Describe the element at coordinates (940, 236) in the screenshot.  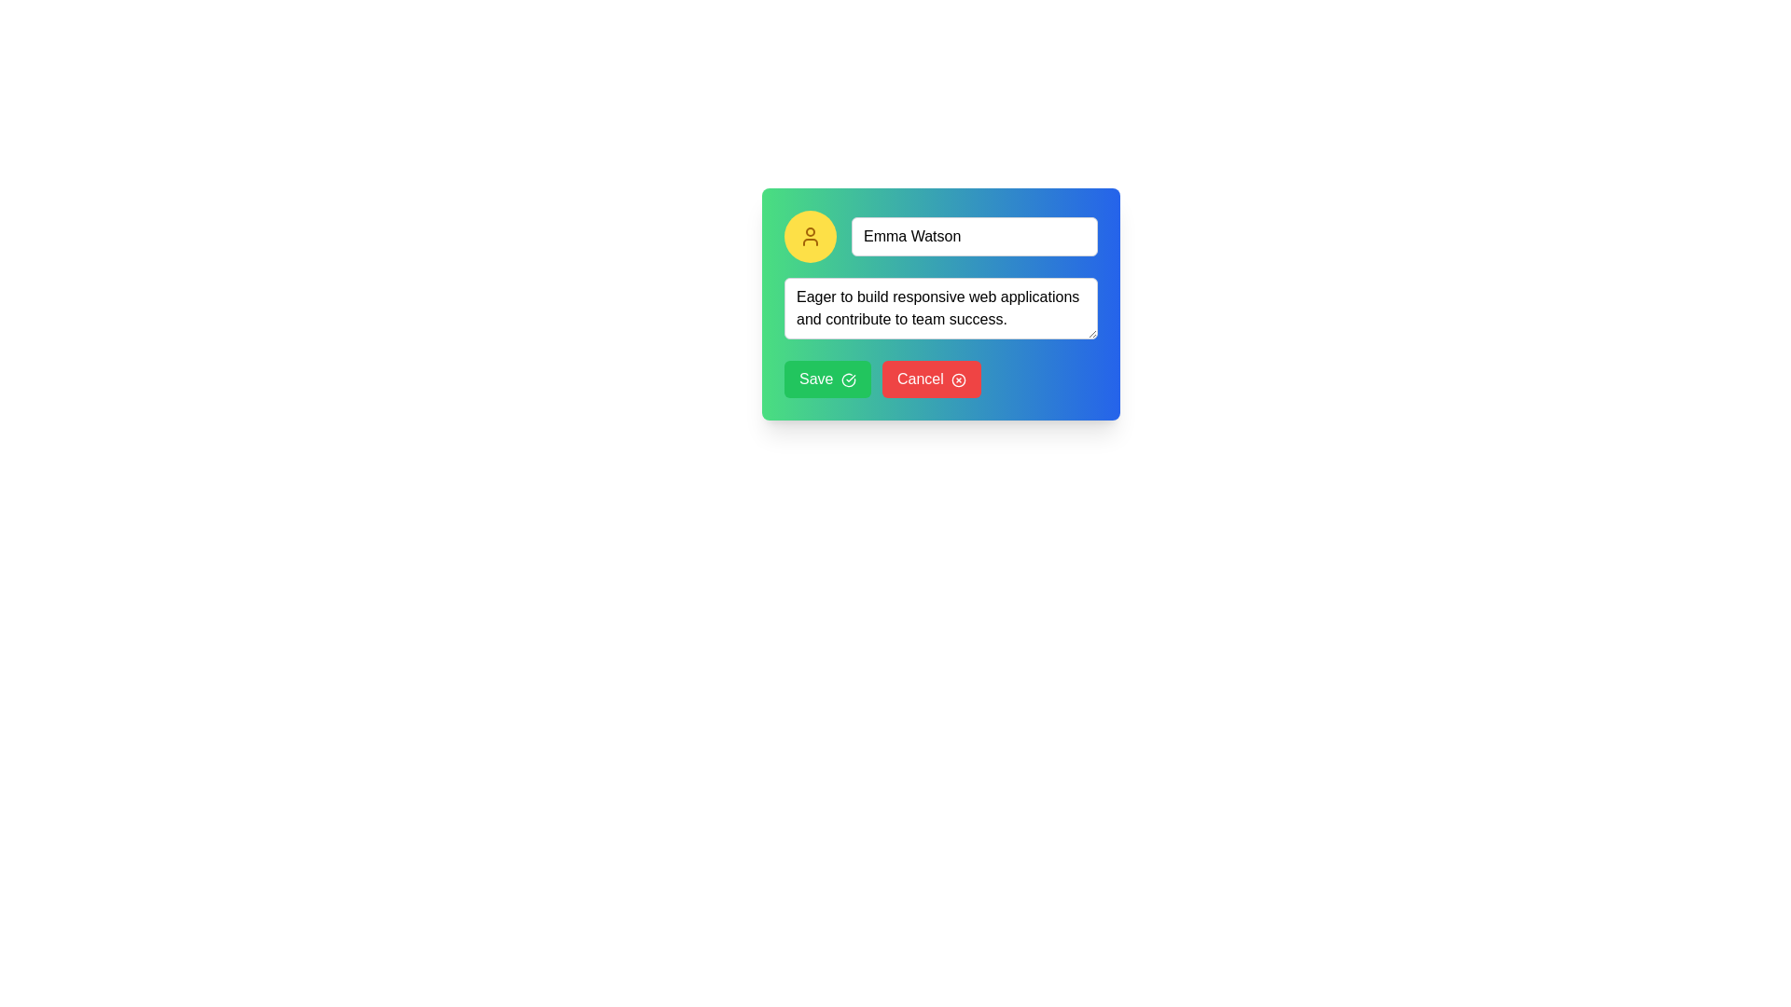
I see `the text input field next to the yellow circular avatar icon displaying 'Emma Watson' to edit text` at that location.